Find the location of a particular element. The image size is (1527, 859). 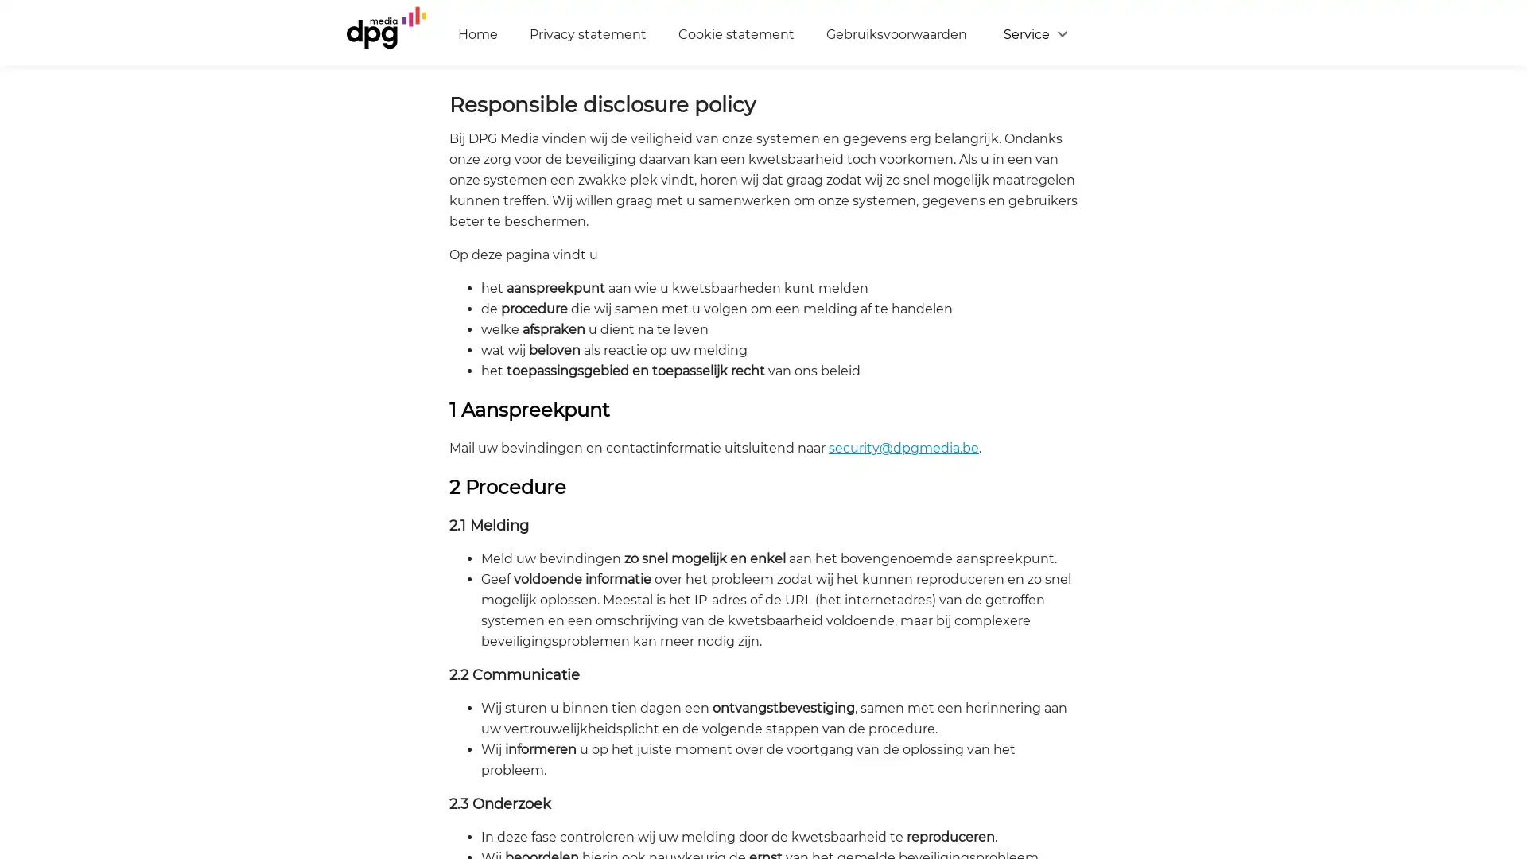

close icon is located at coordinates (1506, 663).